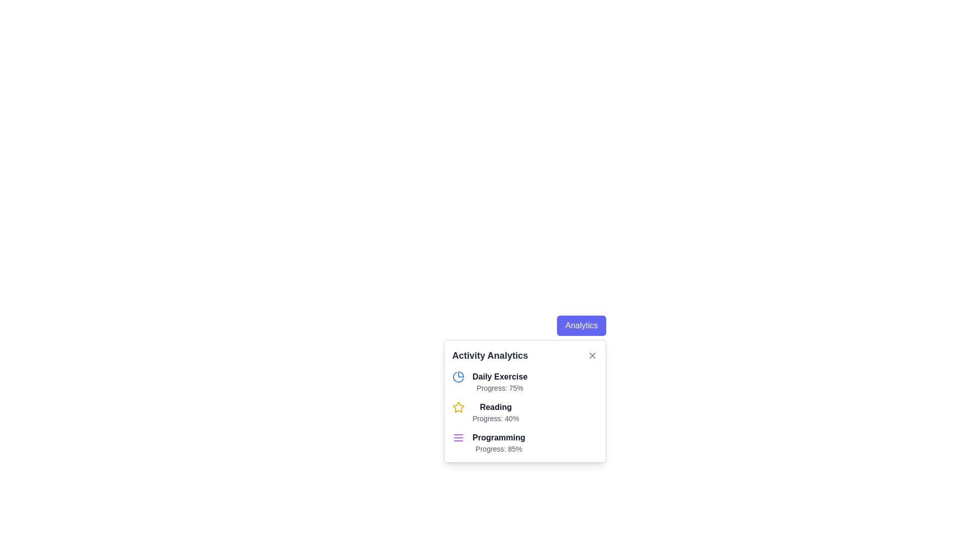  I want to click on text from the progress label indicating 85% completion of the Programming activity located at the bottom of the Programming section within the Activity Analytics card, so click(499, 448).